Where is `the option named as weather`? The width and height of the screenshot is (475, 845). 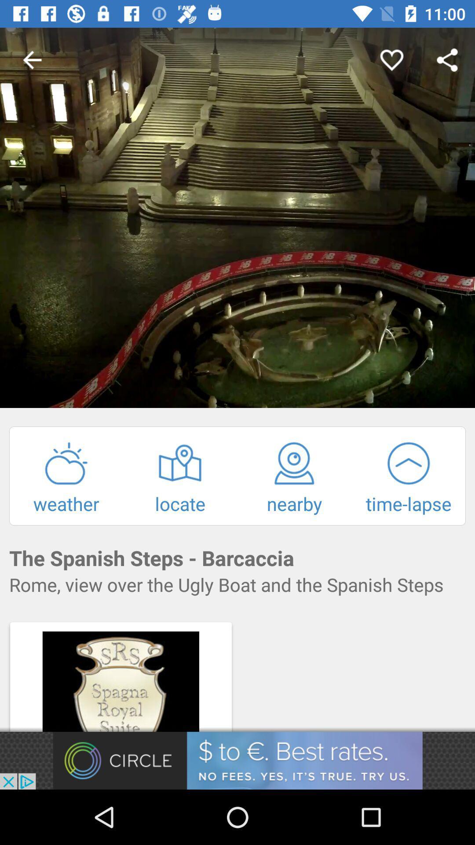 the option named as weather is located at coordinates (66, 478).